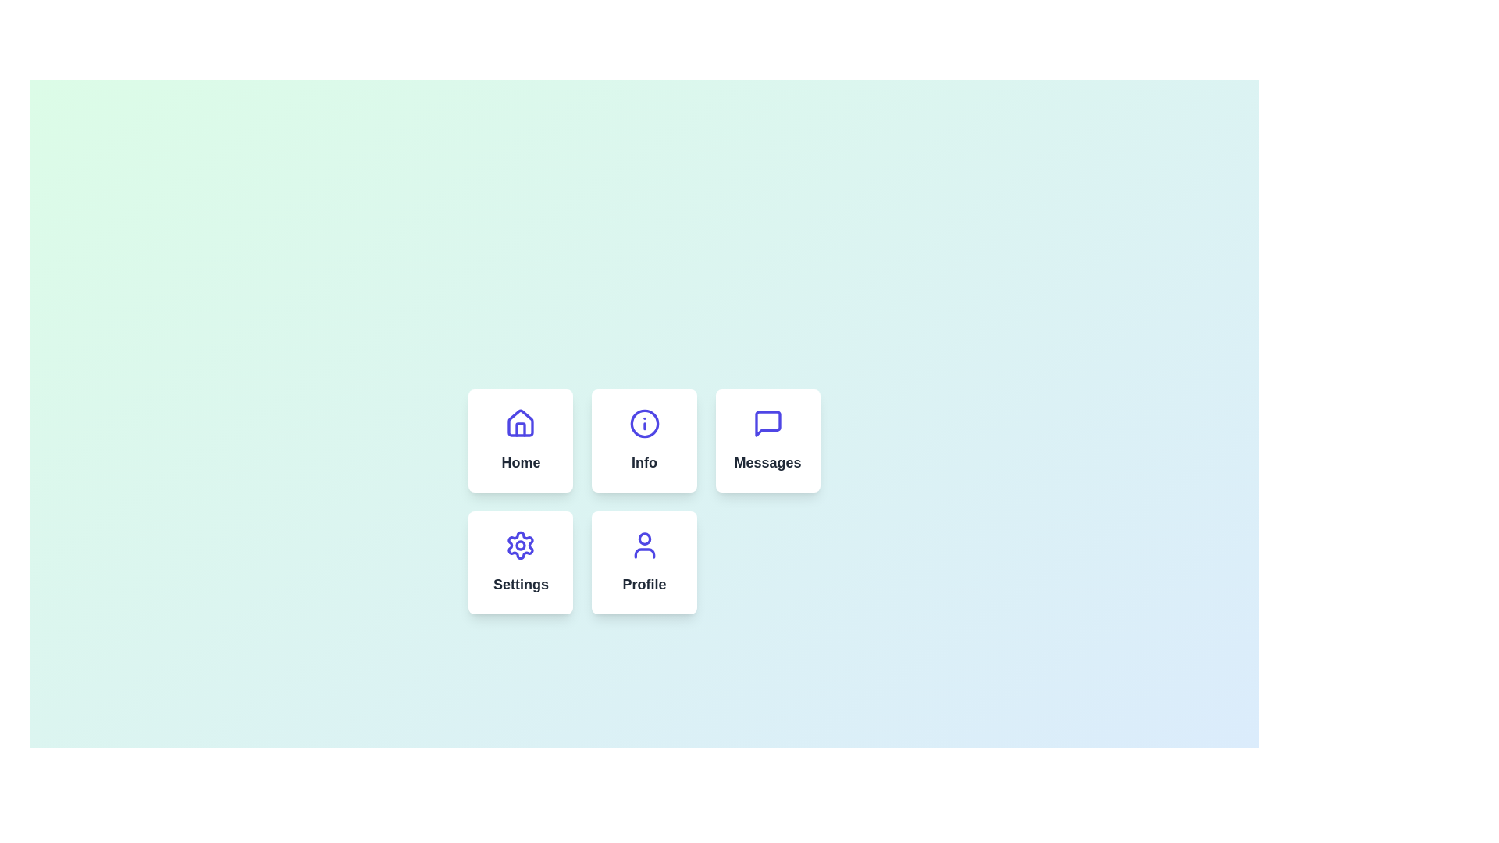 This screenshot has height=843, width=1499. Describe the element at coordinates (644, 424) in the screenshot. I see `the Circular Icon within the 'Info' button, which is the second button in the top row of a 3x2 grid layout` at that location.